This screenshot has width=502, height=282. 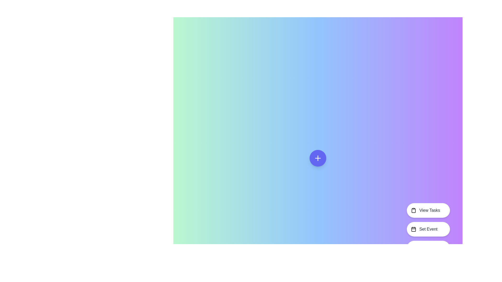 What do you see at coordinates (317, 158) in the screenshot?
I see `the circular deep blue button with a white plus symbol` at bounding box center [317, 158].